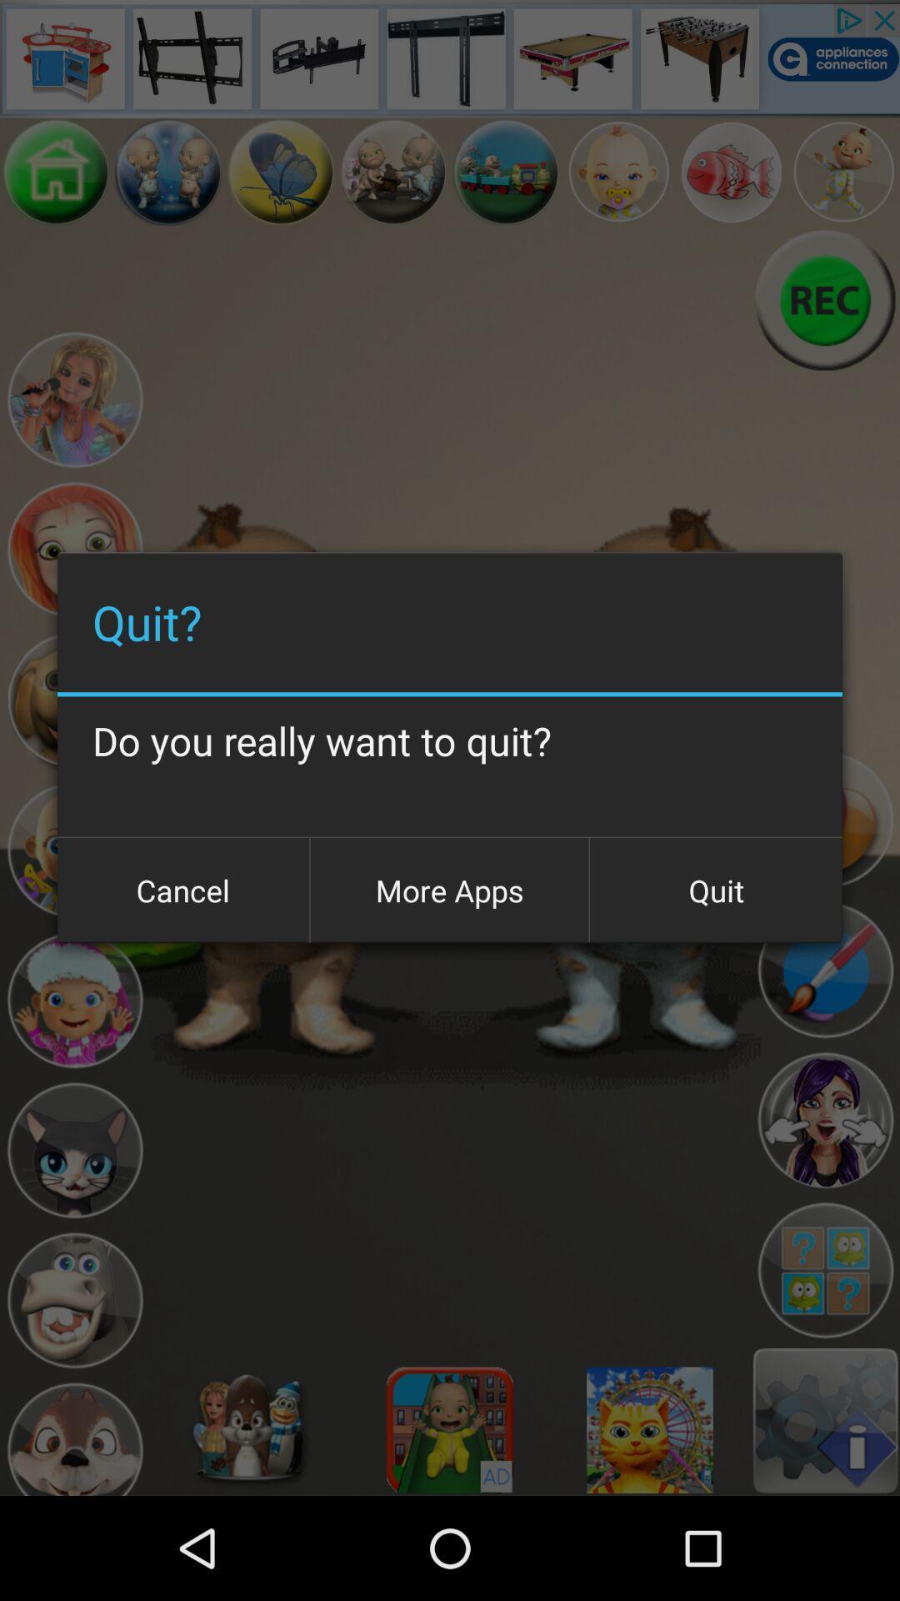  Describe the element at coordinates (393, 183) in the screenshot. I see `the avatar icon` at that location.